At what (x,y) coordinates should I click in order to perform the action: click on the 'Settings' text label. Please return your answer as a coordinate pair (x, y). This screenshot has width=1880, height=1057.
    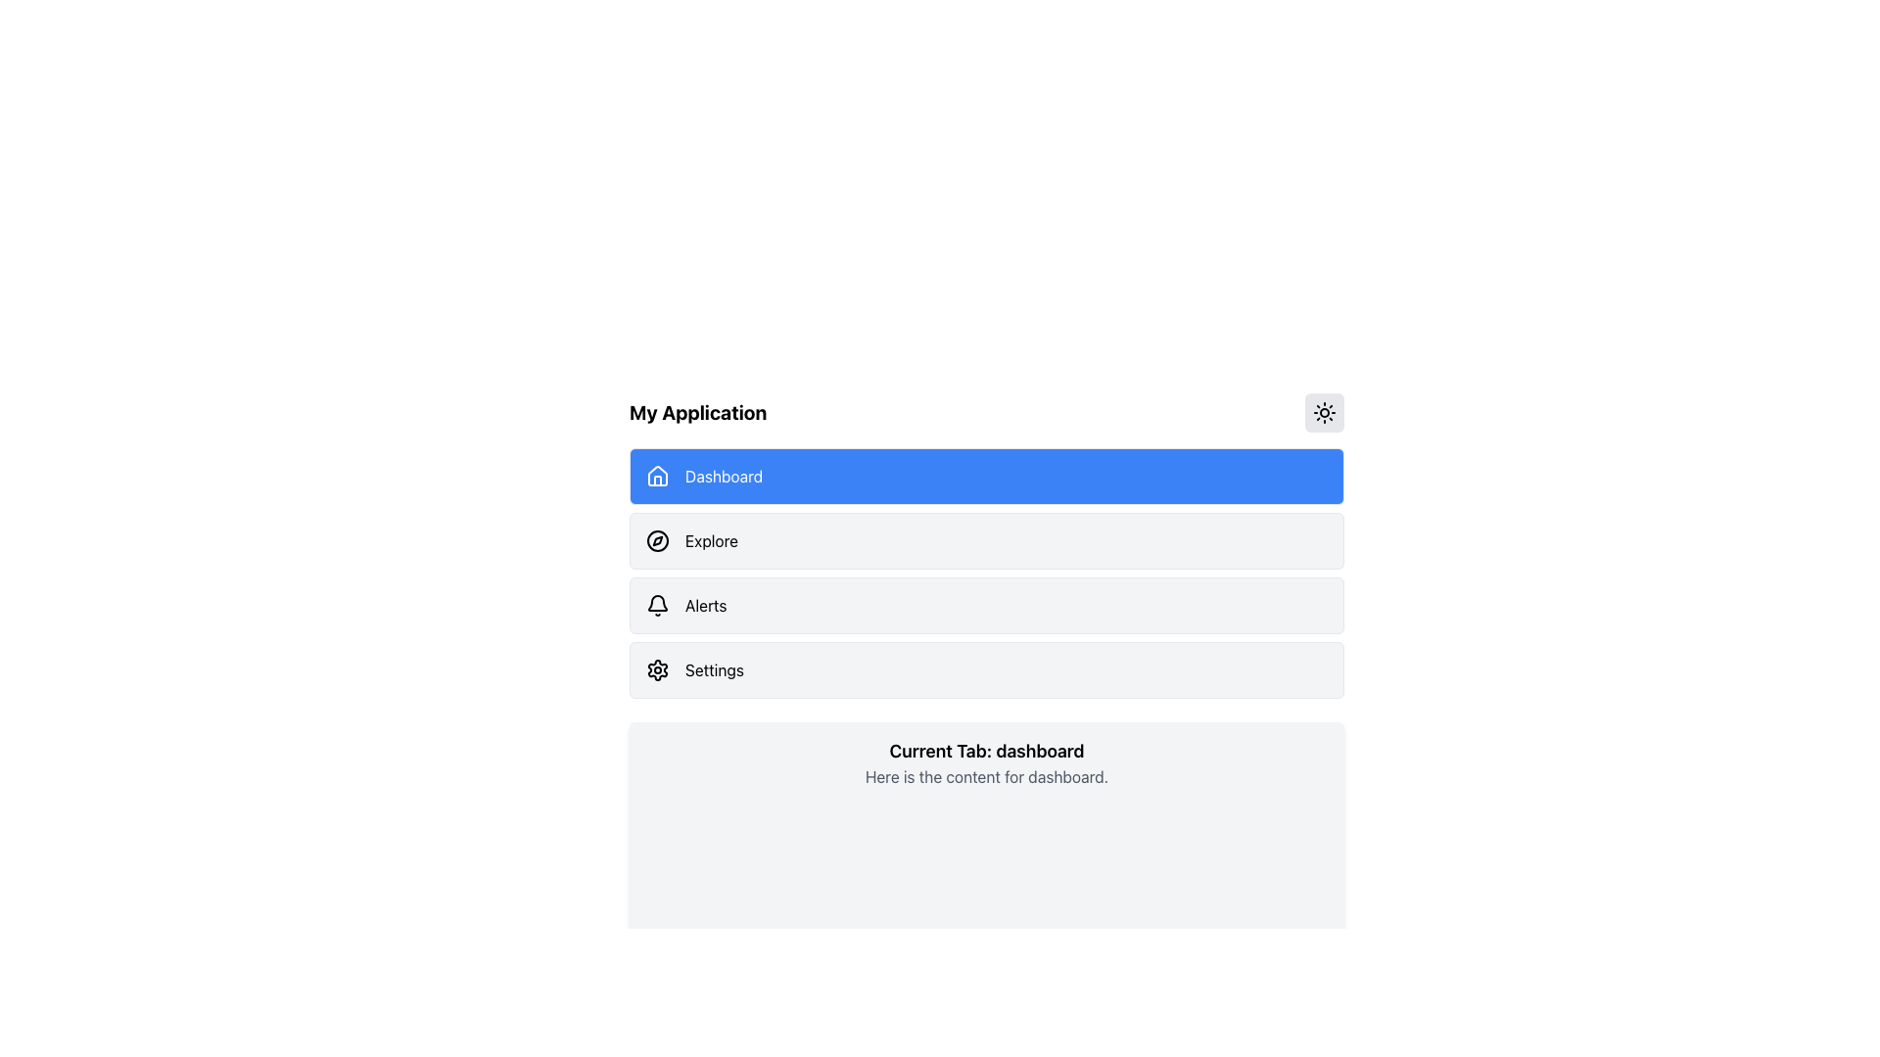
    Looking at the image, I should click on (713, 669).